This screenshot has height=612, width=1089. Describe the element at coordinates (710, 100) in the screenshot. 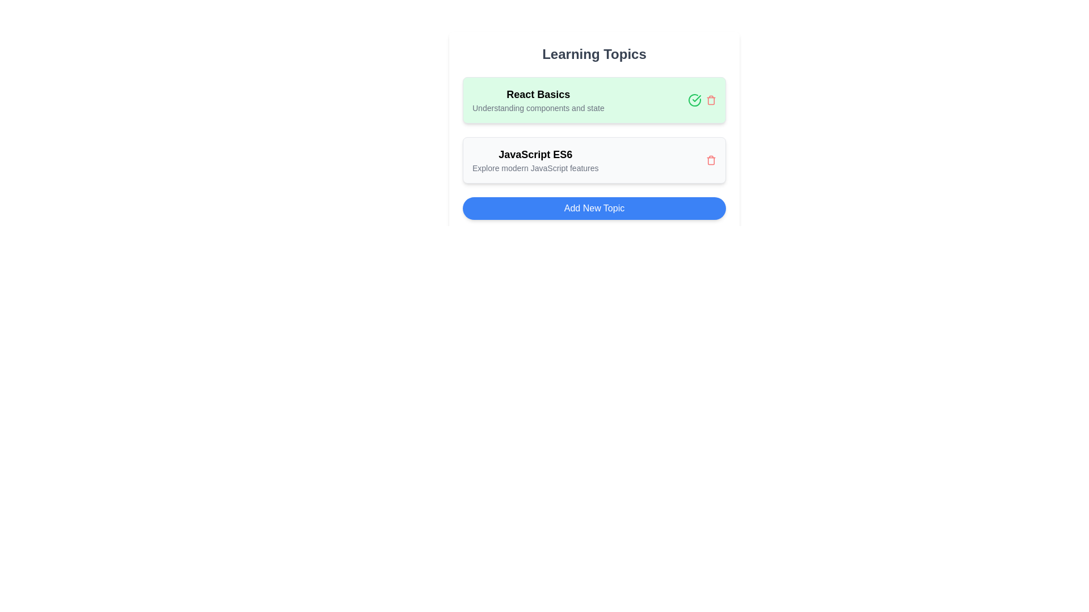

I see `the trash icon to delete the topic titled 'React Basics'` at that location.